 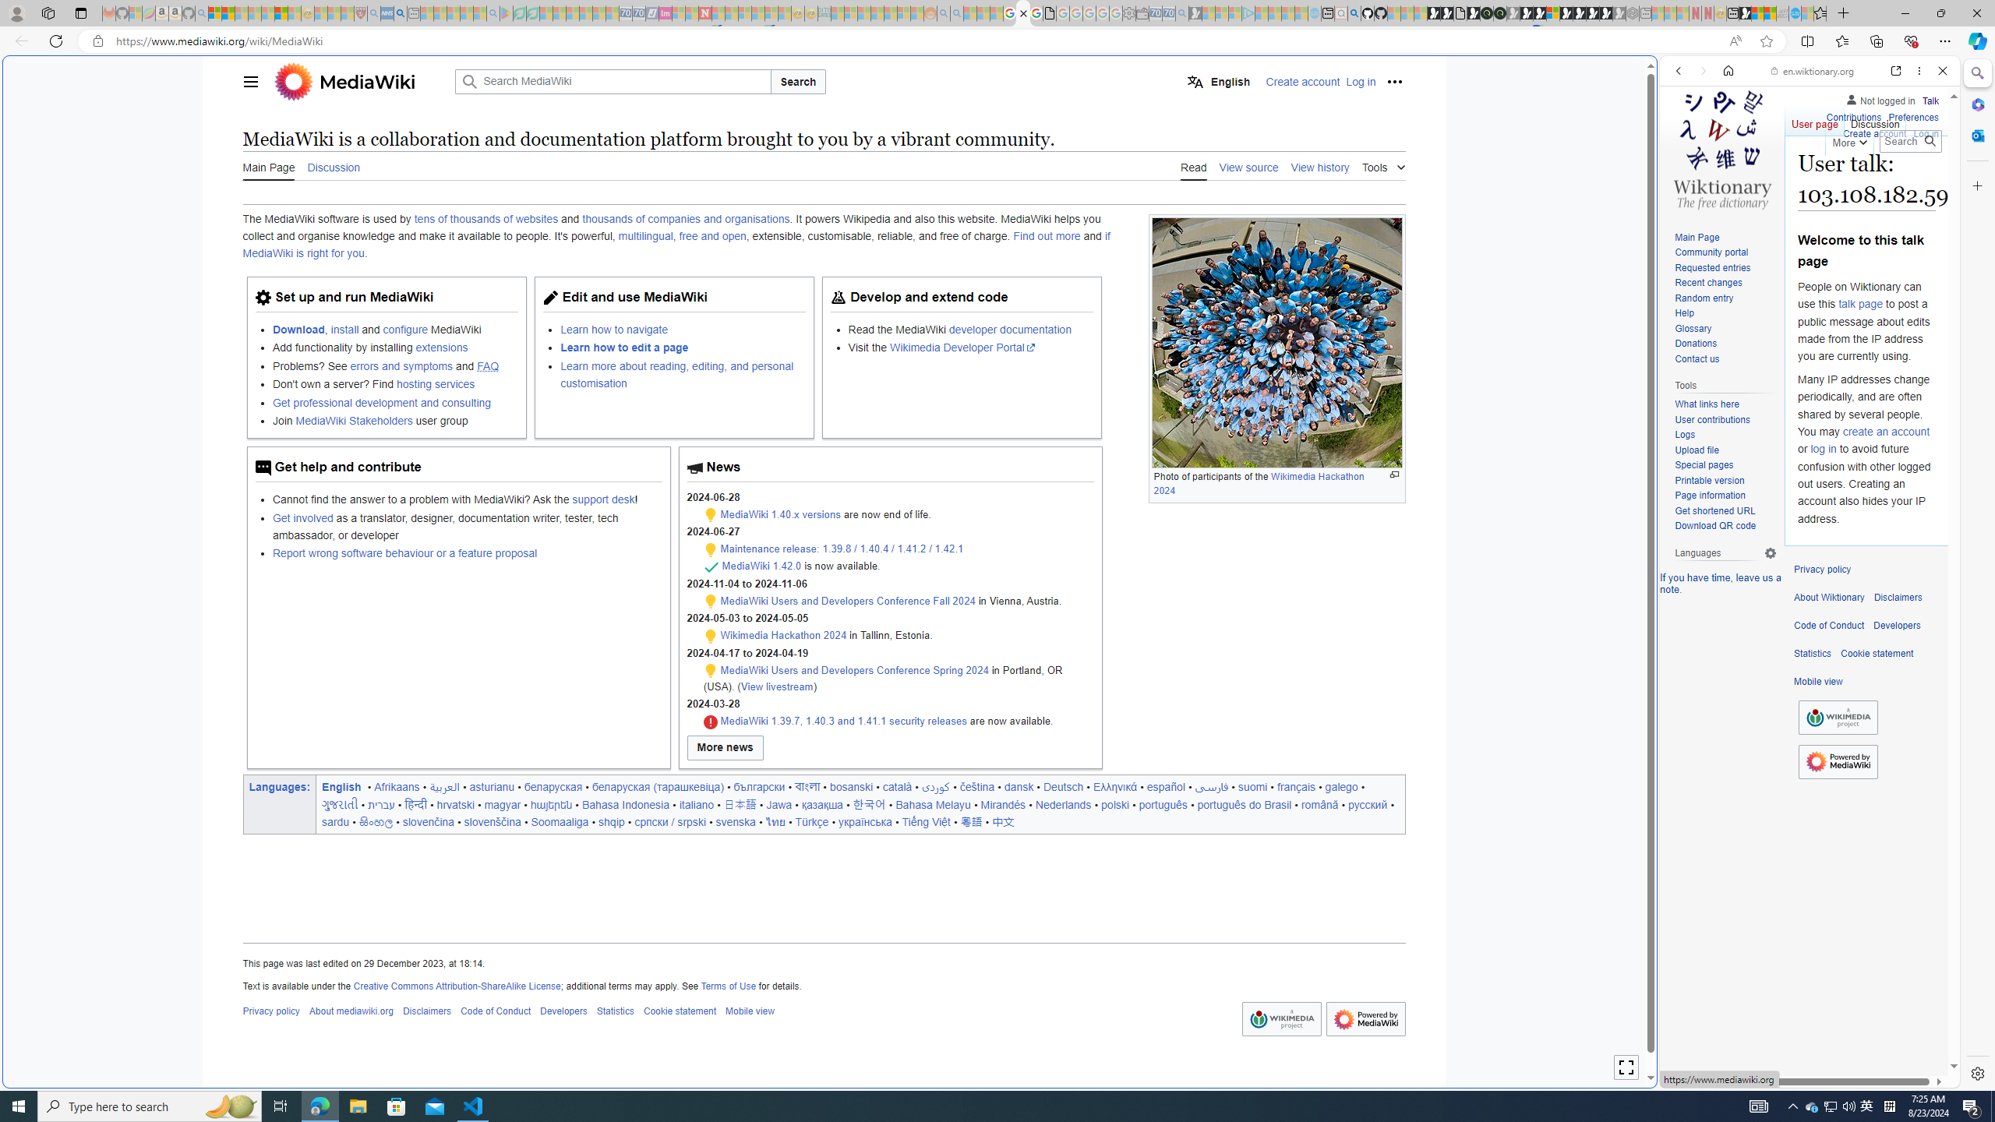 I want to click on 'Wikimedia Hackathon 2024', so click(x=784, y=635).